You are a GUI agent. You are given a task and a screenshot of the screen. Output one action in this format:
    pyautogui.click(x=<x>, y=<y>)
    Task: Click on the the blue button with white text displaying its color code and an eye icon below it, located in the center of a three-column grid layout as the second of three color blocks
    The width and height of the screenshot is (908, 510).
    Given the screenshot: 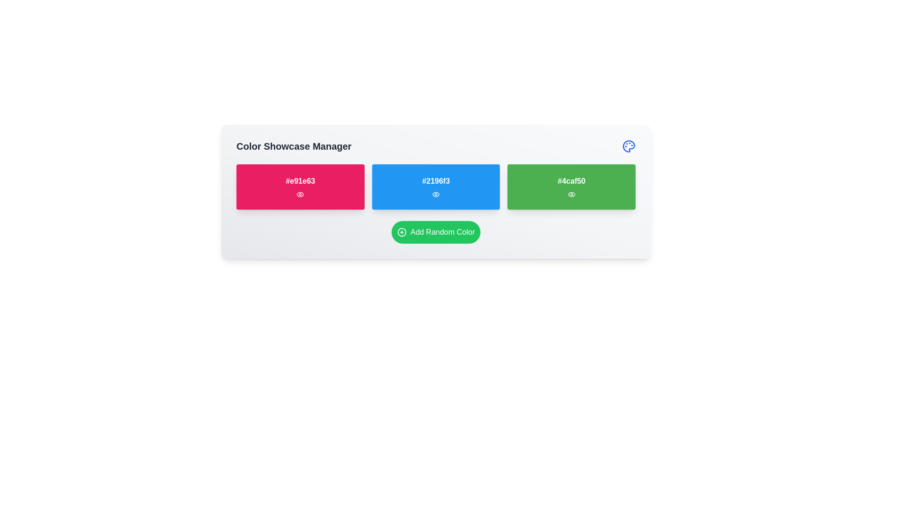 What is the action you would take?
    pyautogui.click(x=435, y=187)
    